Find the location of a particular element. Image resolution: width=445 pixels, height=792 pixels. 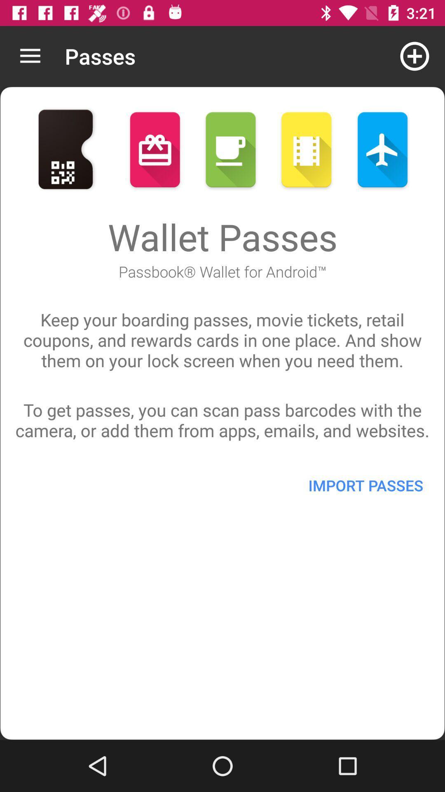

icon to the left of the passes icon is located at coordinates (30, 56).